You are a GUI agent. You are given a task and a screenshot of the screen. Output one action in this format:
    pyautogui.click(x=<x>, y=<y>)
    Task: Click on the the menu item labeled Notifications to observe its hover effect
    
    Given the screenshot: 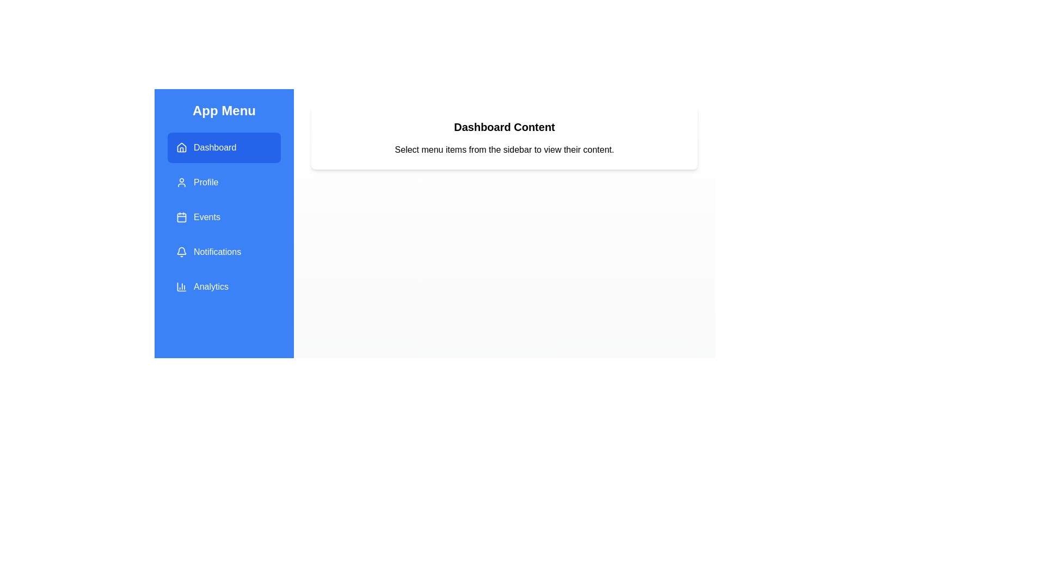 What is the action you would take?
    pyautogui.click(x=224, y=252)
    